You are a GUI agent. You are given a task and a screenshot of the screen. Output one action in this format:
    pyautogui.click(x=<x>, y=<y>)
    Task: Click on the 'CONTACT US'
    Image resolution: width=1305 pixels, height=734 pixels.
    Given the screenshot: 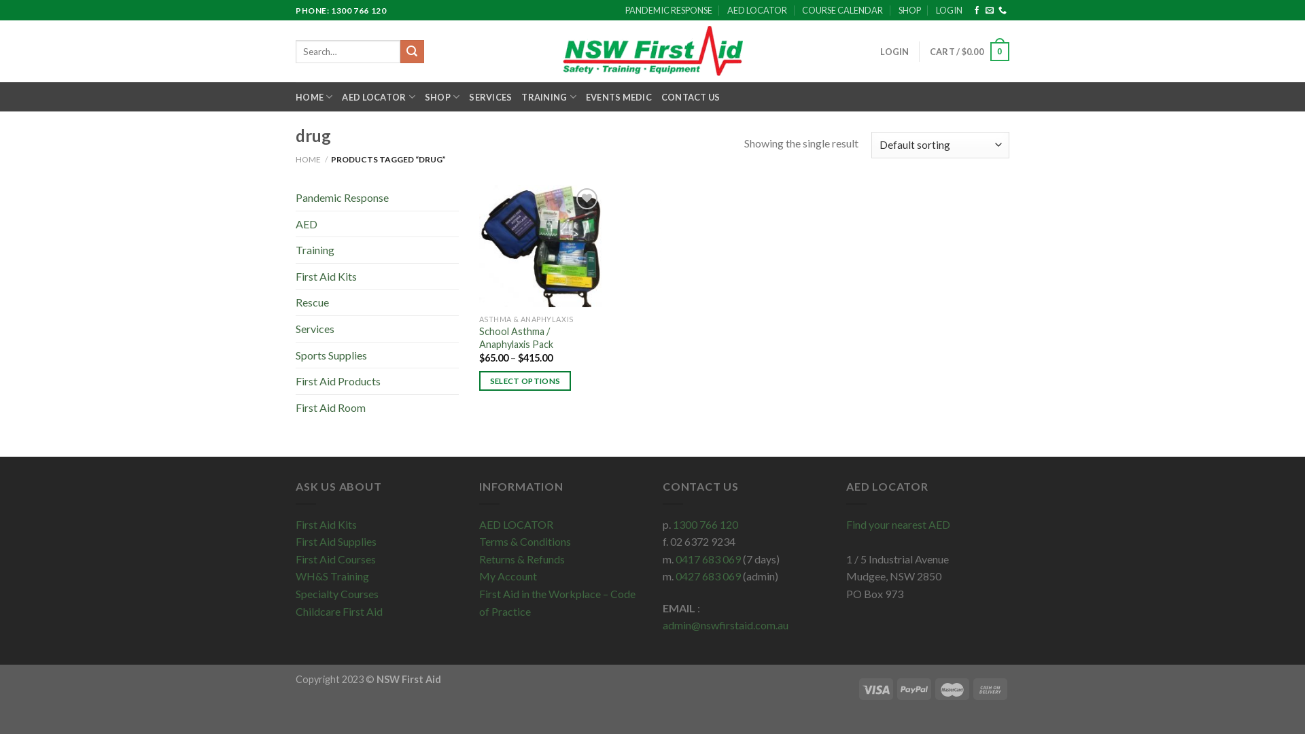 What is the action you would take?
    pyautogui.click(x=691, y=96)
    